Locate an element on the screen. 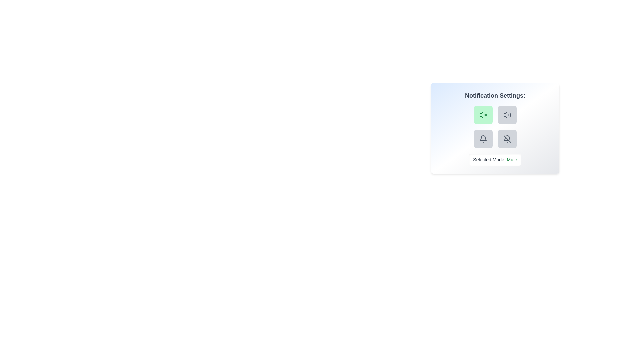  the notification mode Mute by clicking the corresponding button is located at coordinates (483, 114).